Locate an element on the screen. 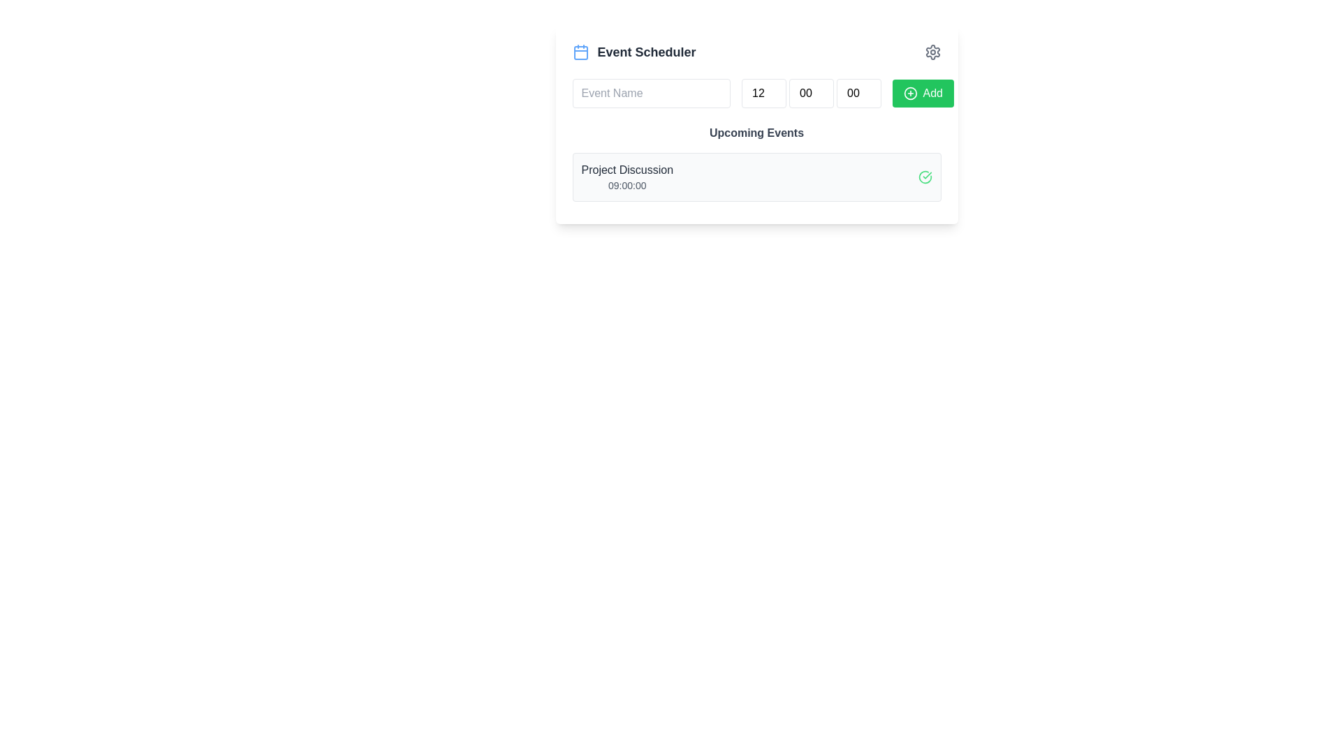  the Number input field in the 'Event Scheduler' module to focus it, located to the right of the 'Event Name' input field is located at coordinates (763, 94).